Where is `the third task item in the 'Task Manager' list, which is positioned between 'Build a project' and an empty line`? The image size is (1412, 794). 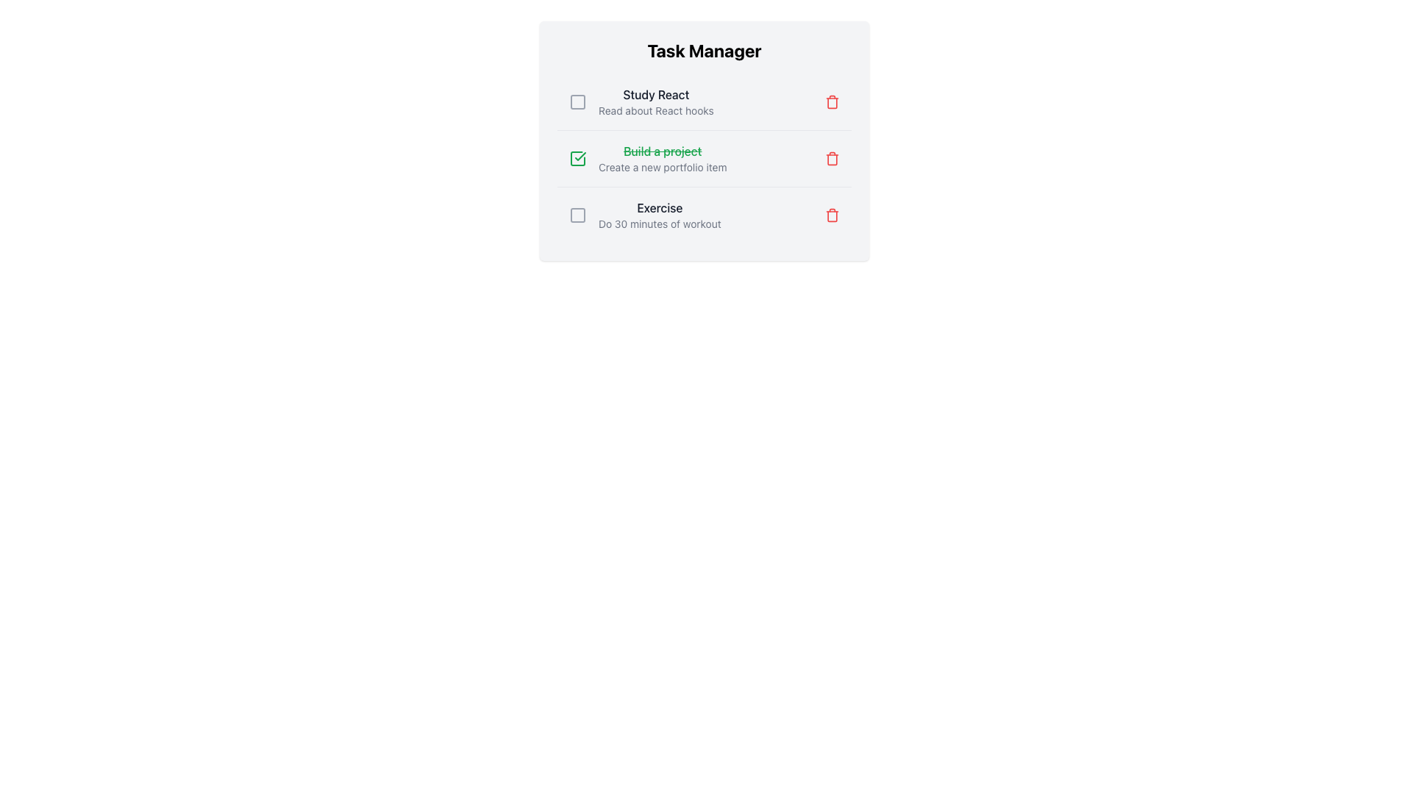 the third task item in the 'Task Manager' list, which is positioned between 'Build a project' and an empty line is located at coordinates (645, 215).